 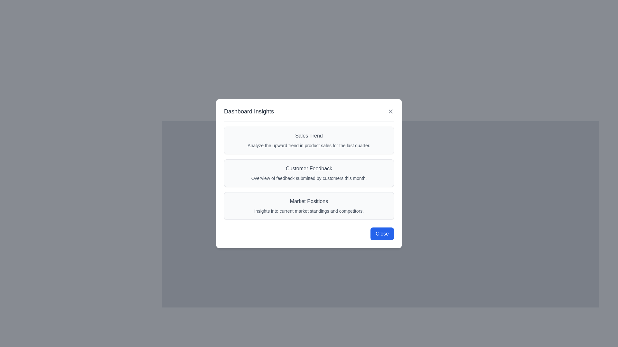 What do you see at coordinates (309, 201) in the screenshot?
I see `the Text Label that serves as a title or heading within the 'Dashboard Insights' panel, providing a succinct identification of the section` at bounding box center [309, 201].